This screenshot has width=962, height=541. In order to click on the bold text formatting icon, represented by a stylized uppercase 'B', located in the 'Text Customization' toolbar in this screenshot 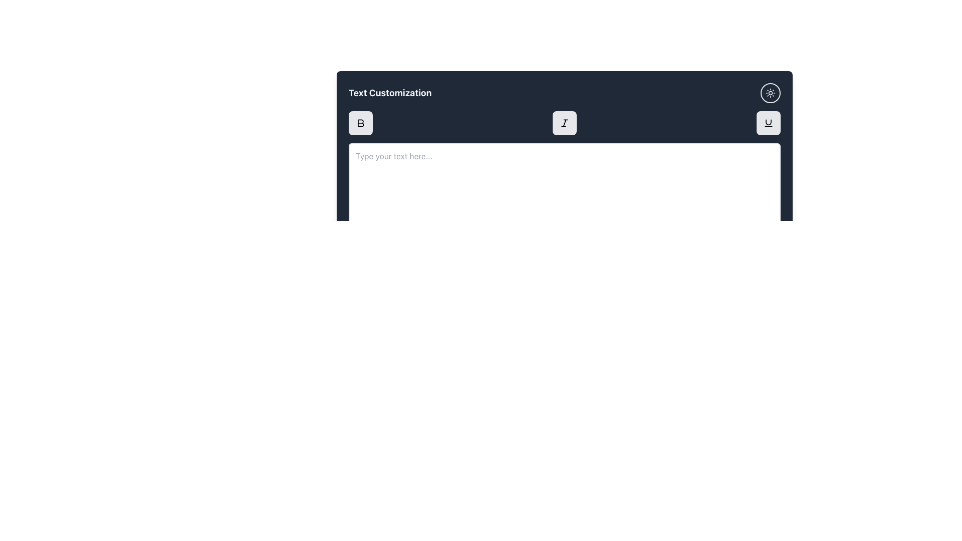, I will do `click(361, 123)`.